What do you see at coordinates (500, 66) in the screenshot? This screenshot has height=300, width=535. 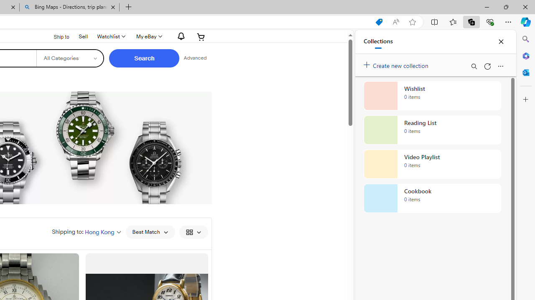 I see `'More options menu'` at bounding box center [500, 66].